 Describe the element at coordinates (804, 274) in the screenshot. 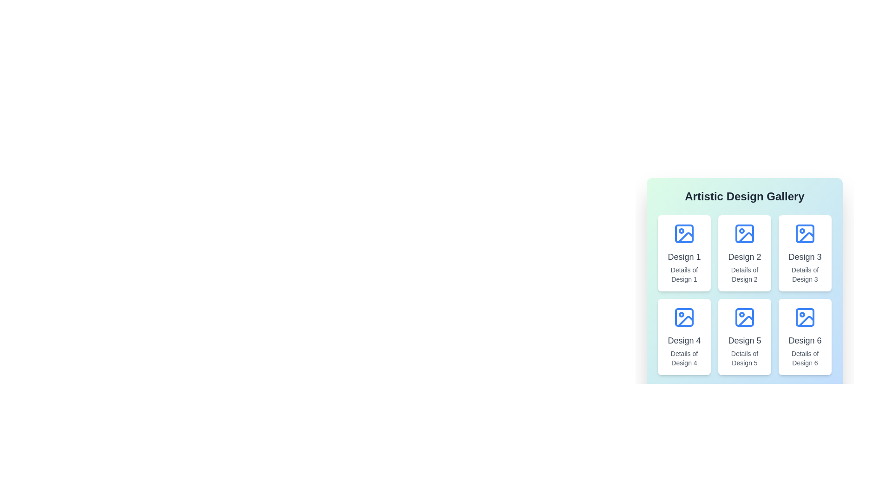

I see `the descriptive subheading text for the 'Design 3' card, which is the second text section located in the top-right position of the card grid` at that location.